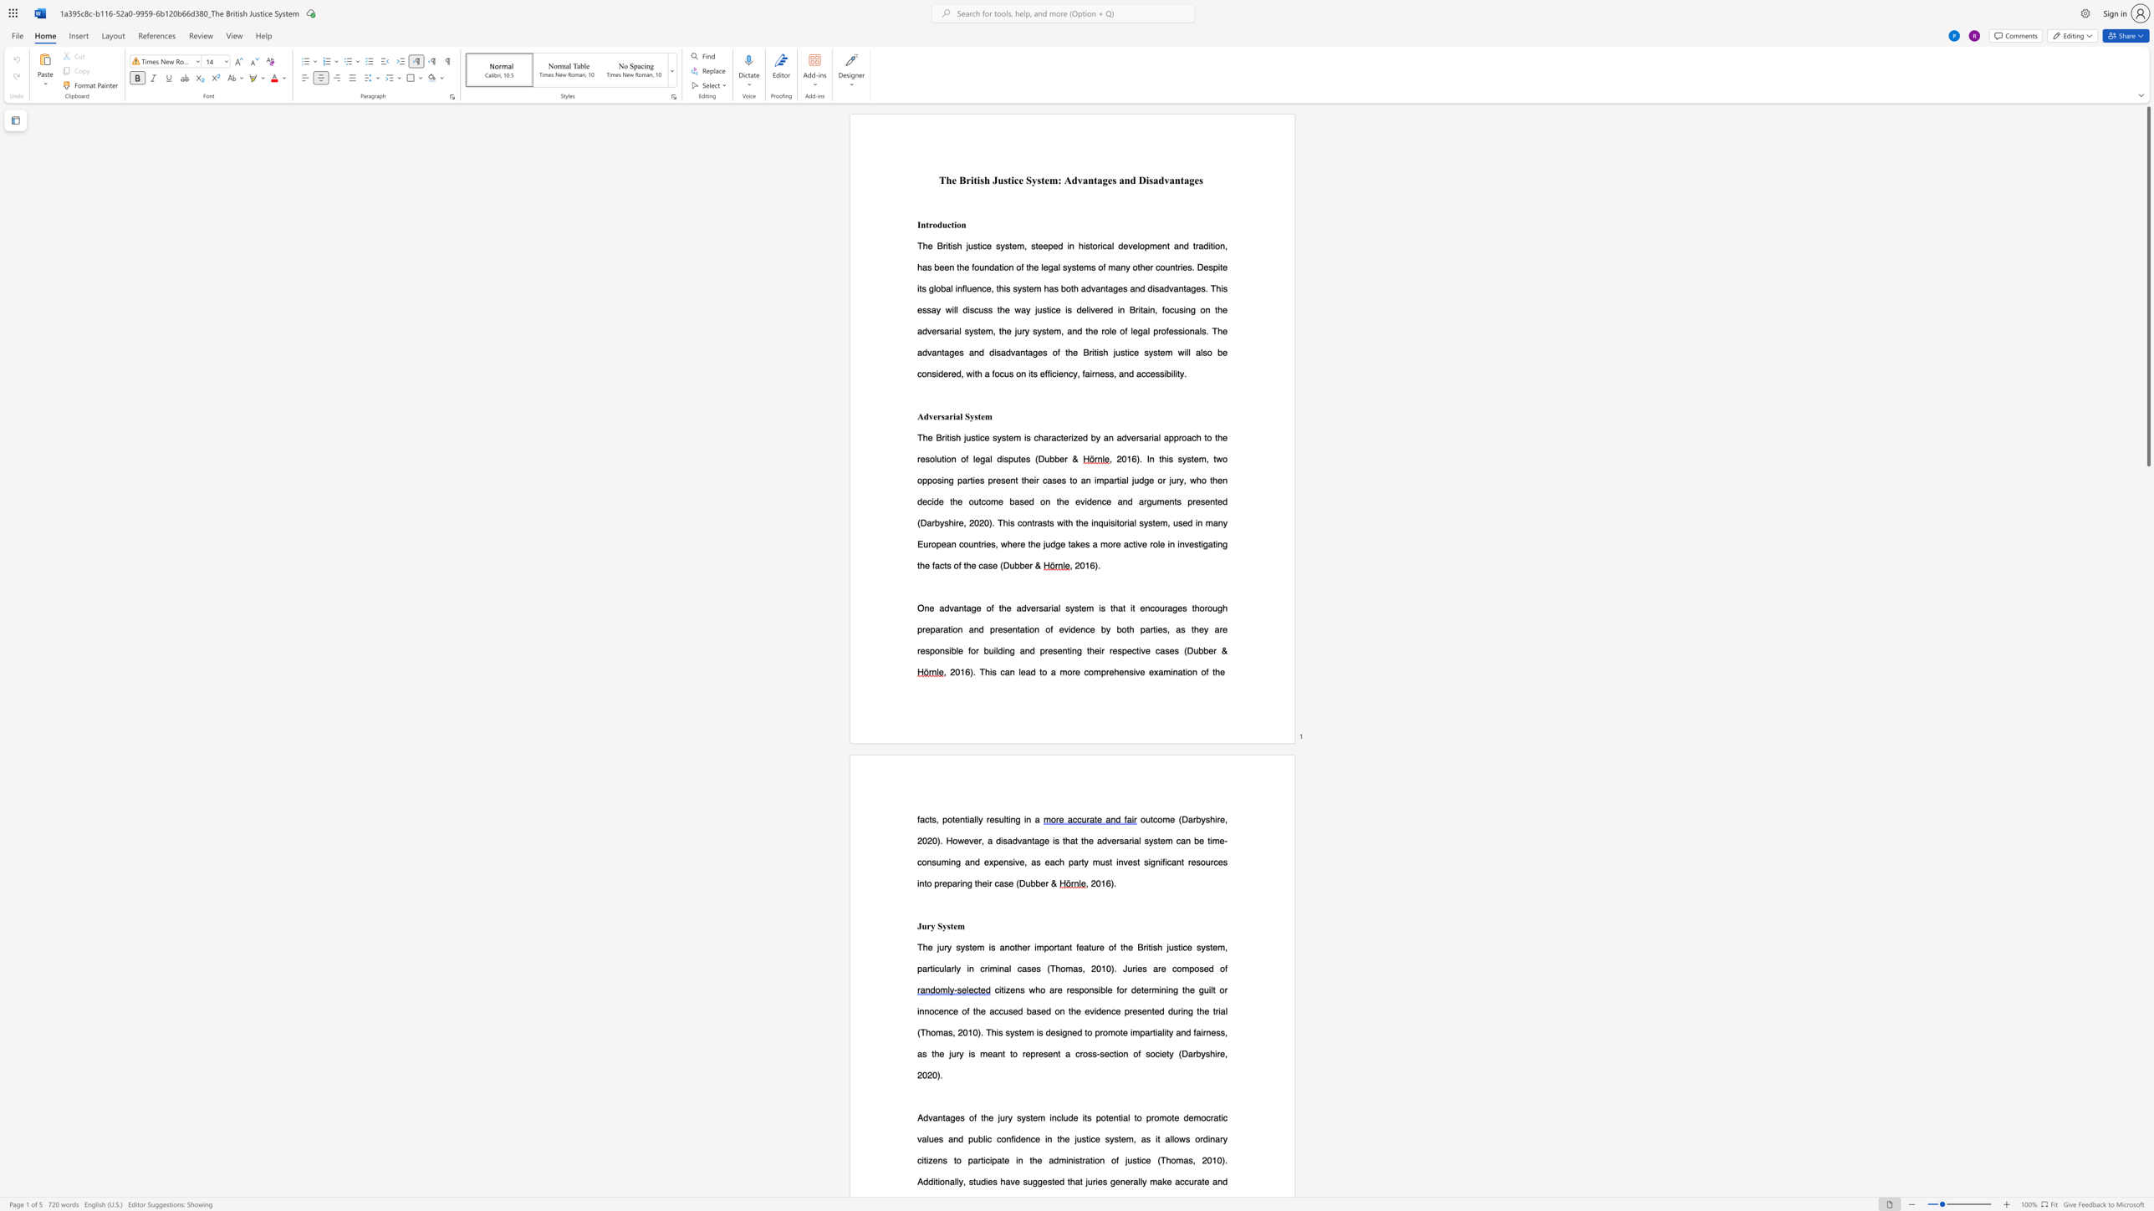  I want to click on the subset text "ste" within the text "Adversarial System", so click(973, 415).